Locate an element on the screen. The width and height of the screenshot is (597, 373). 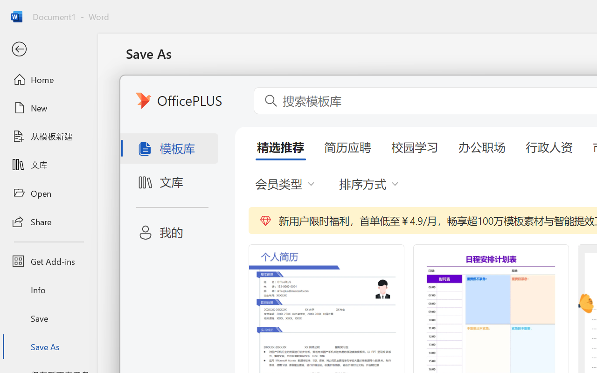
'Get Add-ins' is located at coordinates (48, 261).